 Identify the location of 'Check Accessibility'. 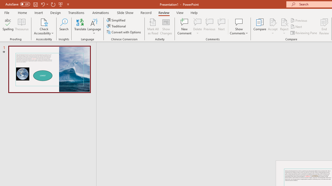
(44, 27).